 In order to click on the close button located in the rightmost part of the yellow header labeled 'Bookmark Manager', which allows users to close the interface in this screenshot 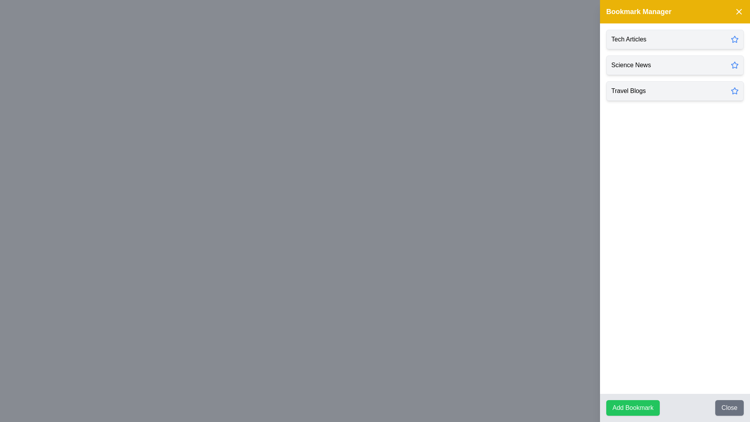, I will do `click(738, 12)`.